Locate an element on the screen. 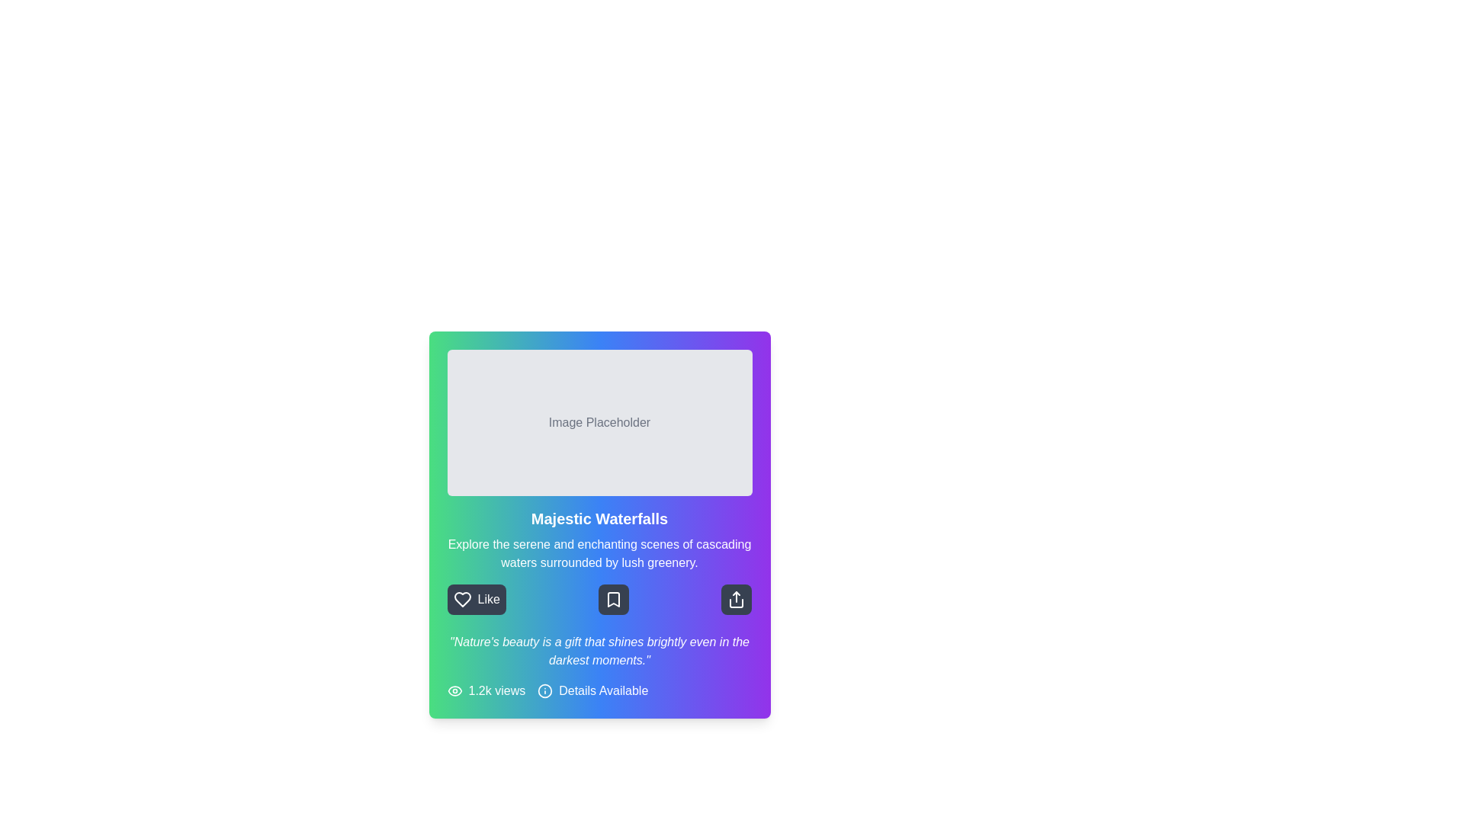 This screenshot has height=823, width=1464. the rectangular button with a dark background and a white bookmark icon, which is the second button in a horizontal row of three buttons located at the lower part of a card is located at coordinates (599, 598).